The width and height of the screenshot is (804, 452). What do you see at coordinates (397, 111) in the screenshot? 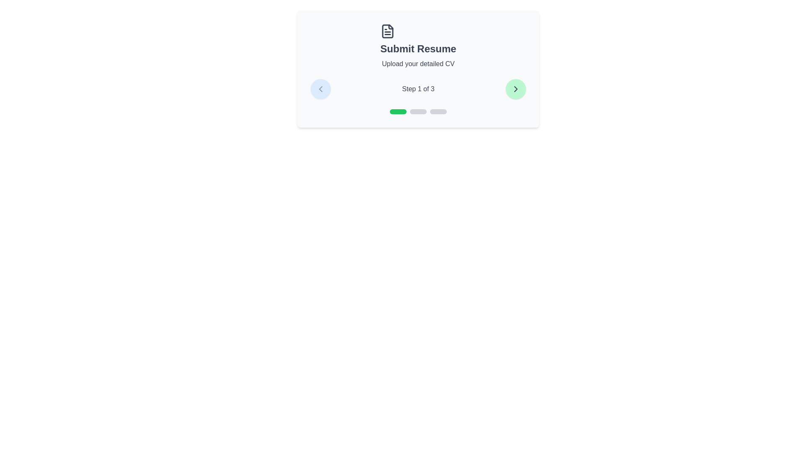
I see `the step progress indicator to navigate to step 1` at bounding box center [397, 111].